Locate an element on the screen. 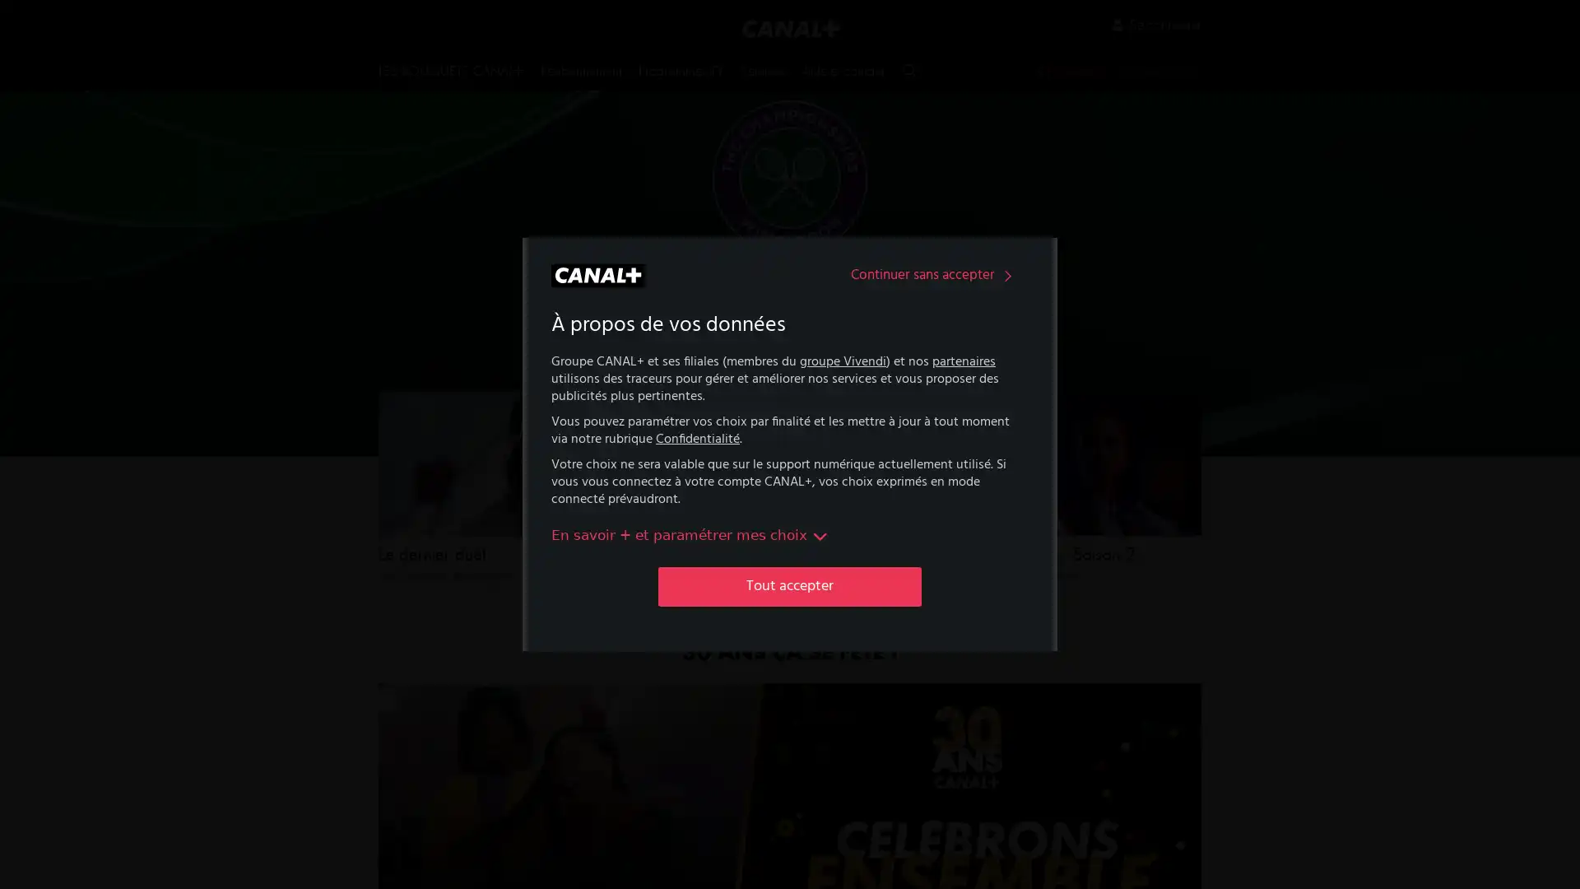  Se connecter is located at coordinates (1155, 25).